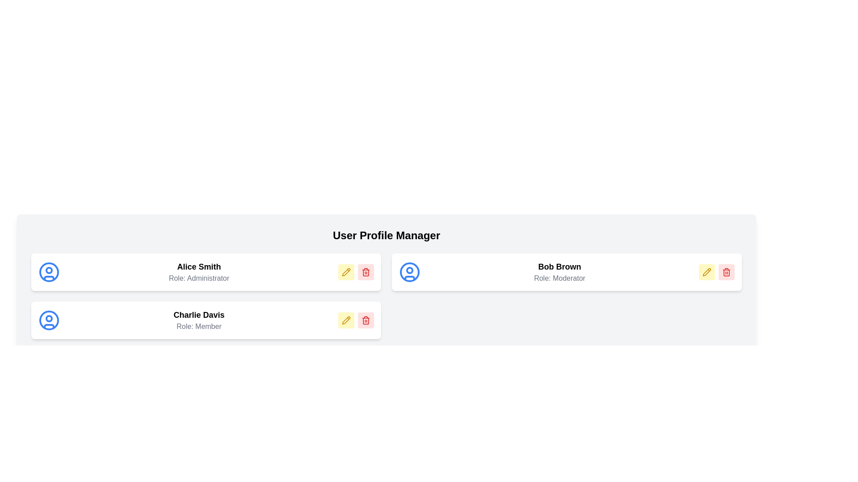 Image resolution: width=858 pixels, height=482 pixels. I want to click on the circular user profile icon with a blue outline located at the top right of the card next to the text 'Bob Brown Role: Moderator', so click(409, 271).